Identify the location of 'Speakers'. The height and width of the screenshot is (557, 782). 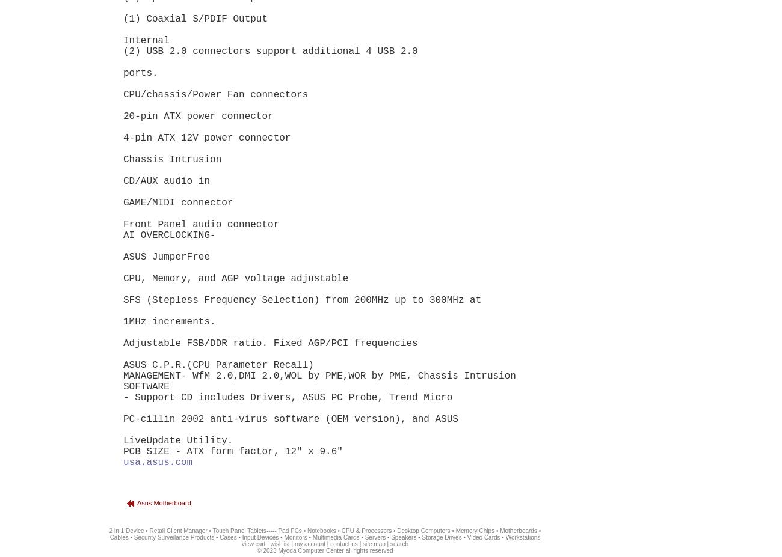
(403, 537).